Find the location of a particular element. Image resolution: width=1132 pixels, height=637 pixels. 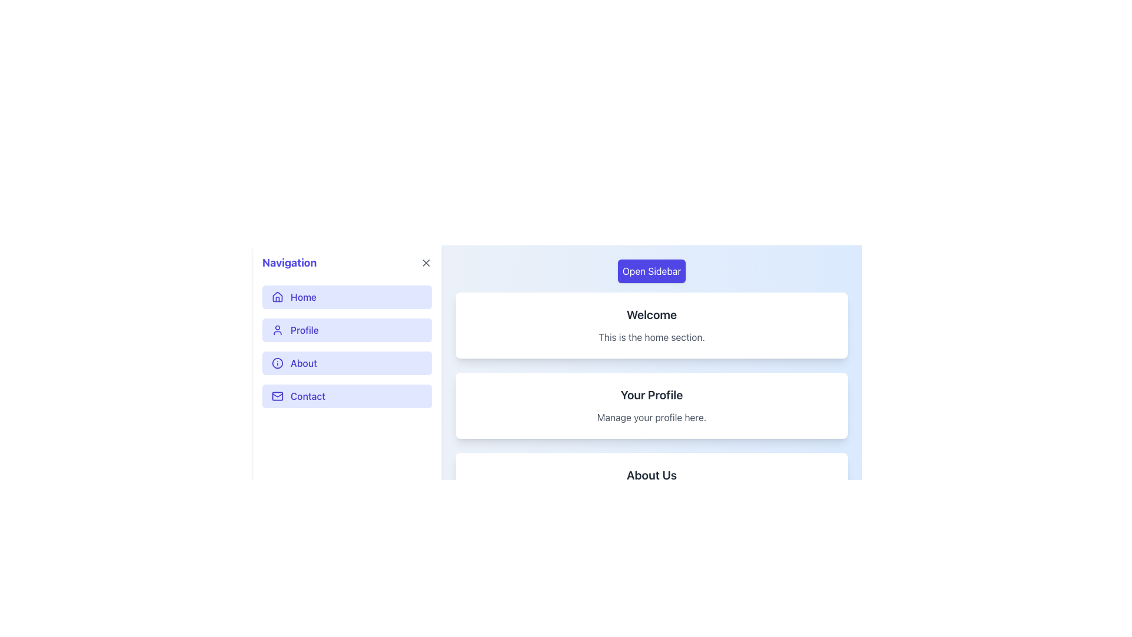

the rectangular shape with rounded corners that forms the body of the envelope icon representing the 'Contact' option in the navigation section is located at coordinates (277, 396).